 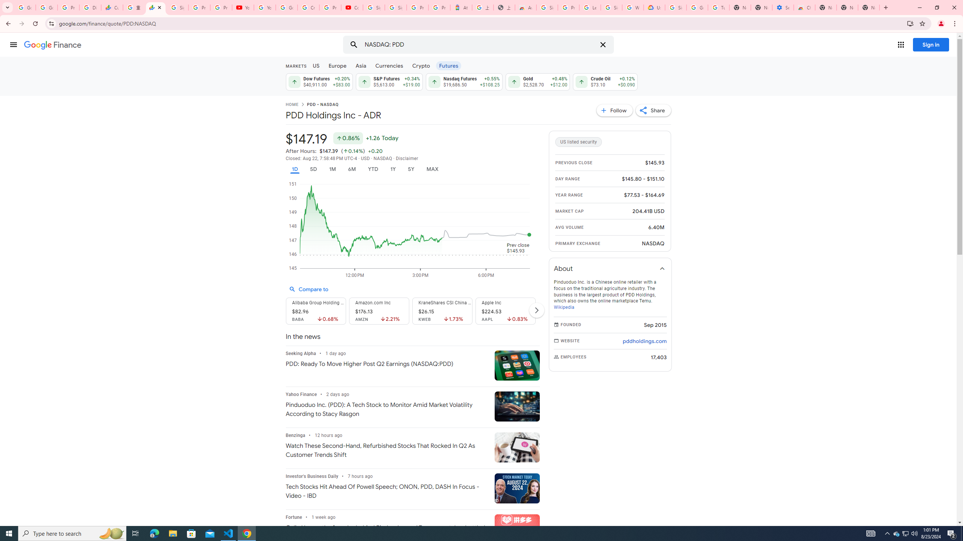 I want to click on 'Atour Hotel - Google hotels', so click(x=461, y=7).